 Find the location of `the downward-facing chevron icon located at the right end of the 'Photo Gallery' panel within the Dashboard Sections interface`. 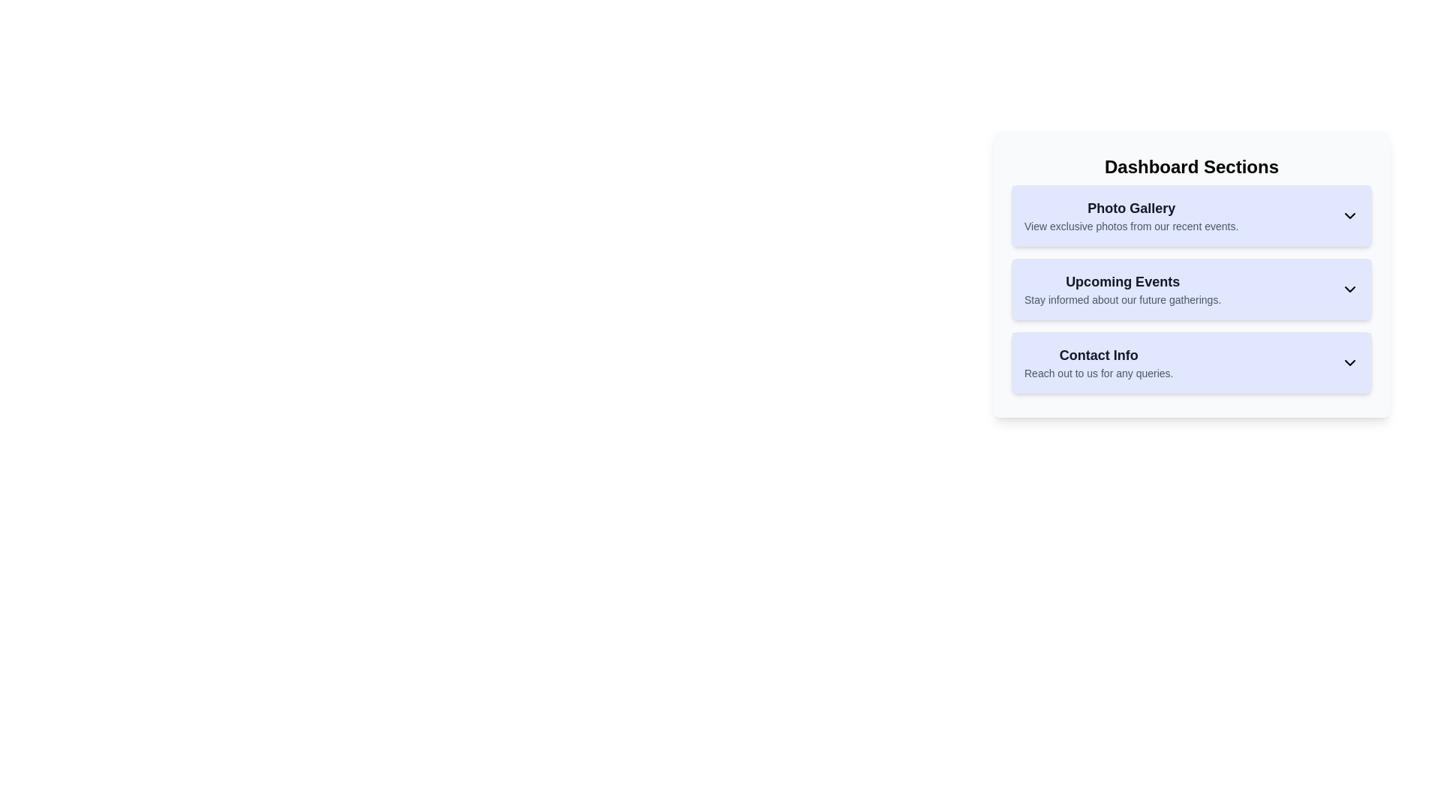

the downward-facing chevron icon located at the right end of the 'Photo Gallery' panel within the Dashboard Sections interface is located at coordinates (1350, 216).